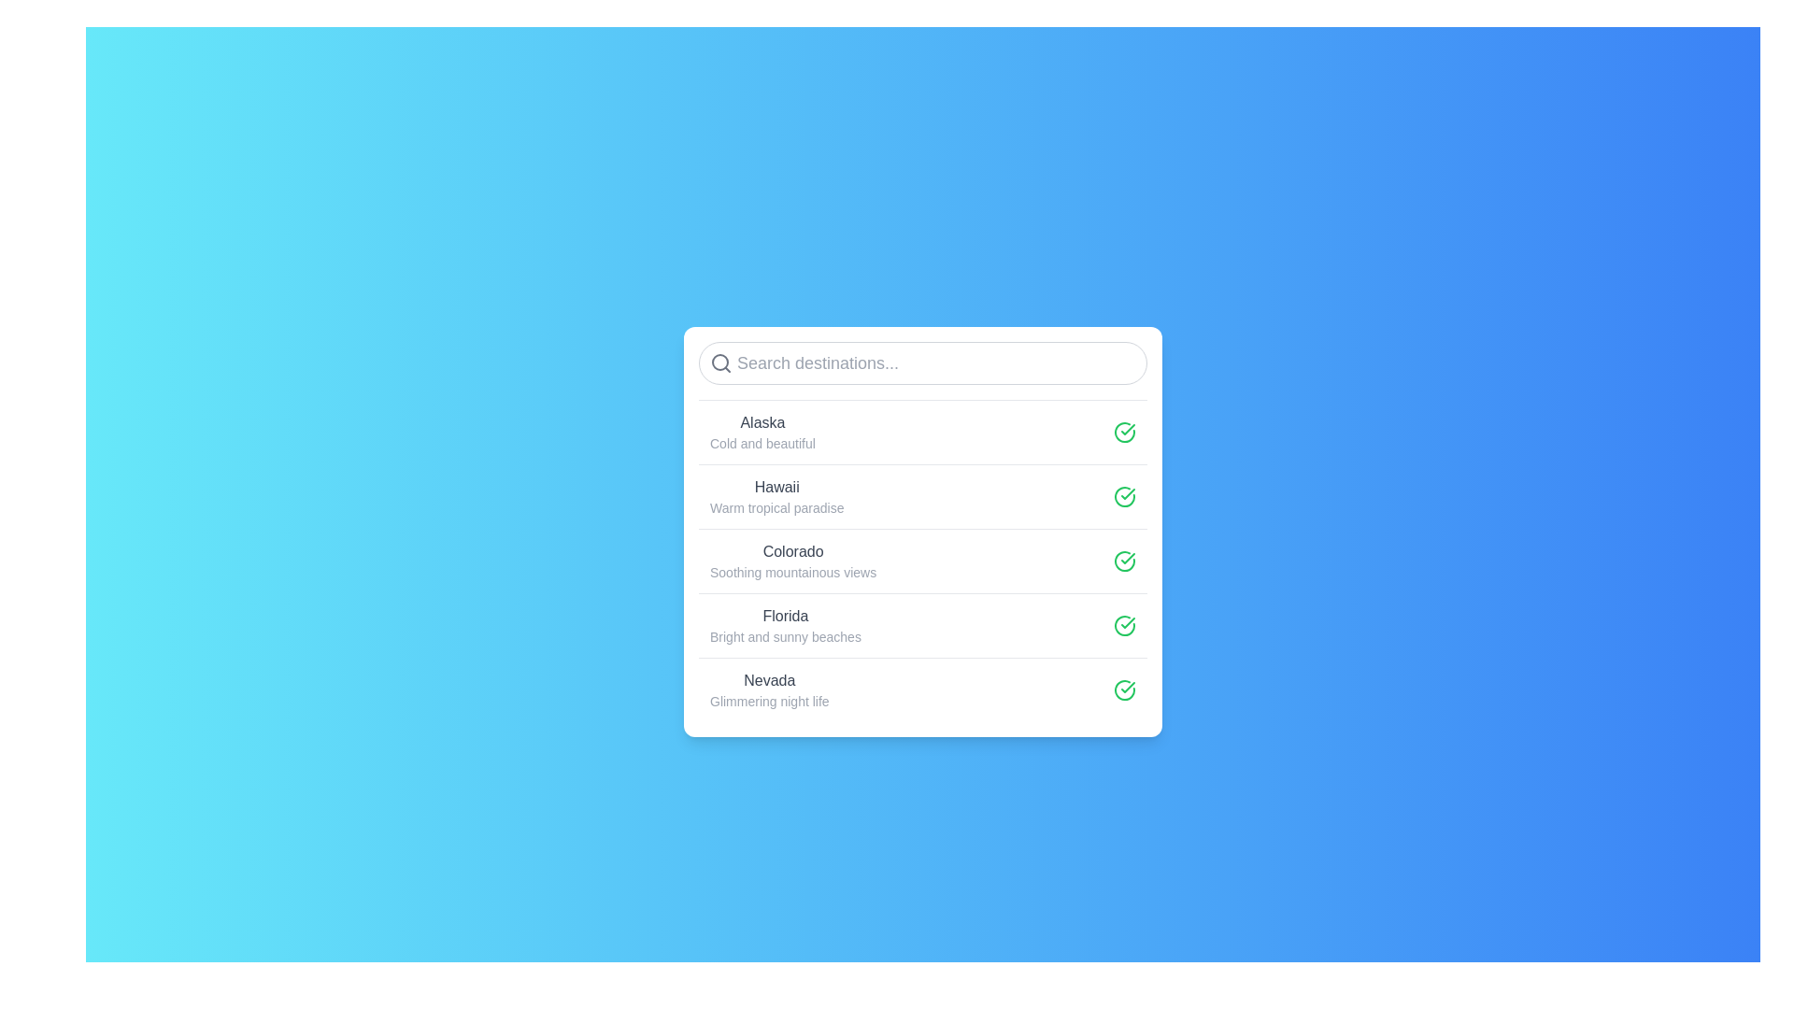 The image size is (1794, 1009). Describe the element at coordinates (1127, 492) in the screenshot. I see `the green checkmark icon indicating confirmation, located to the right of the 'Hawaii' entry in the list of destinations` at that location.